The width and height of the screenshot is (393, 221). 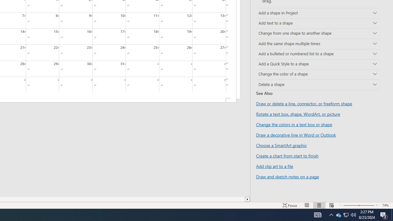 What do you see at coordinates (318, 44) in the screenshot?
I see `'Add the same shape multiple times'` at bounding box center [318, 44].